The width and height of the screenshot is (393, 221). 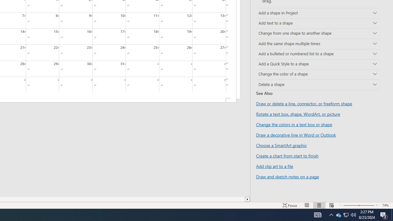 What do you see at coordinates (318, 44) in the screenshot?
I see `'Add the same shape multiple times'` at bounding box center [318, 44].